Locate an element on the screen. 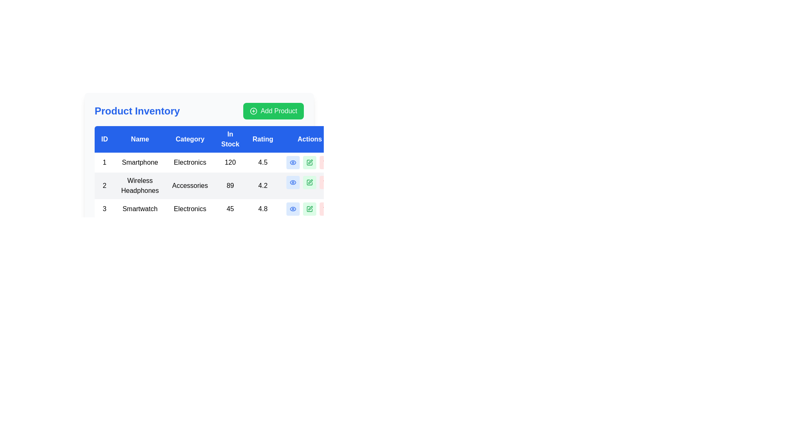  the 'Category' table header is located at coordinates (199, 145).